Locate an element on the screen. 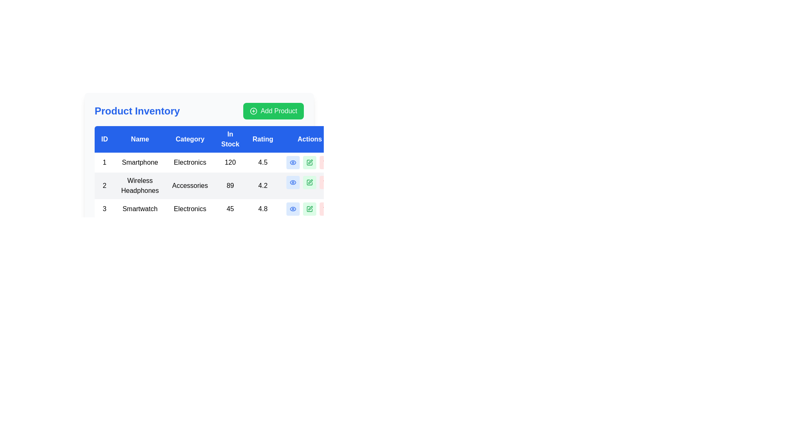  the 'Category' table header is located at coordinates (199, 145).